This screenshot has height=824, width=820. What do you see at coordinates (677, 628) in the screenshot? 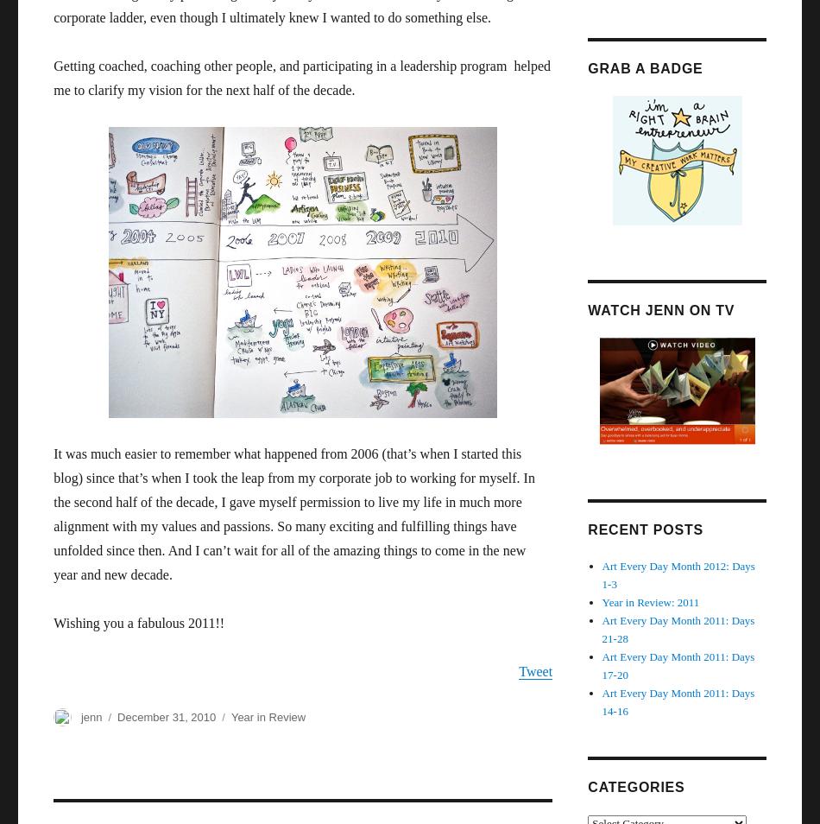
I see `'Art Every Day Month 2011: Days 21-28'` at bounding box center [677, 628].